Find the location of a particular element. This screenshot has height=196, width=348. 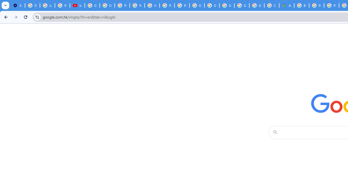

'Create your Google Account' is located at coordinates (272, 5).